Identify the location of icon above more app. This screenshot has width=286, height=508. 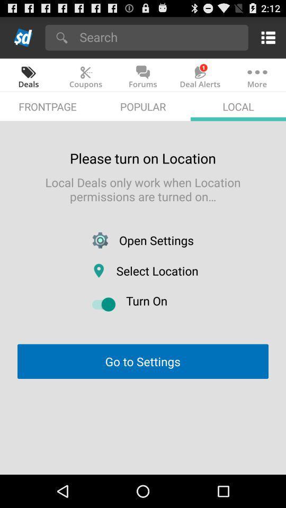
(266, 37).